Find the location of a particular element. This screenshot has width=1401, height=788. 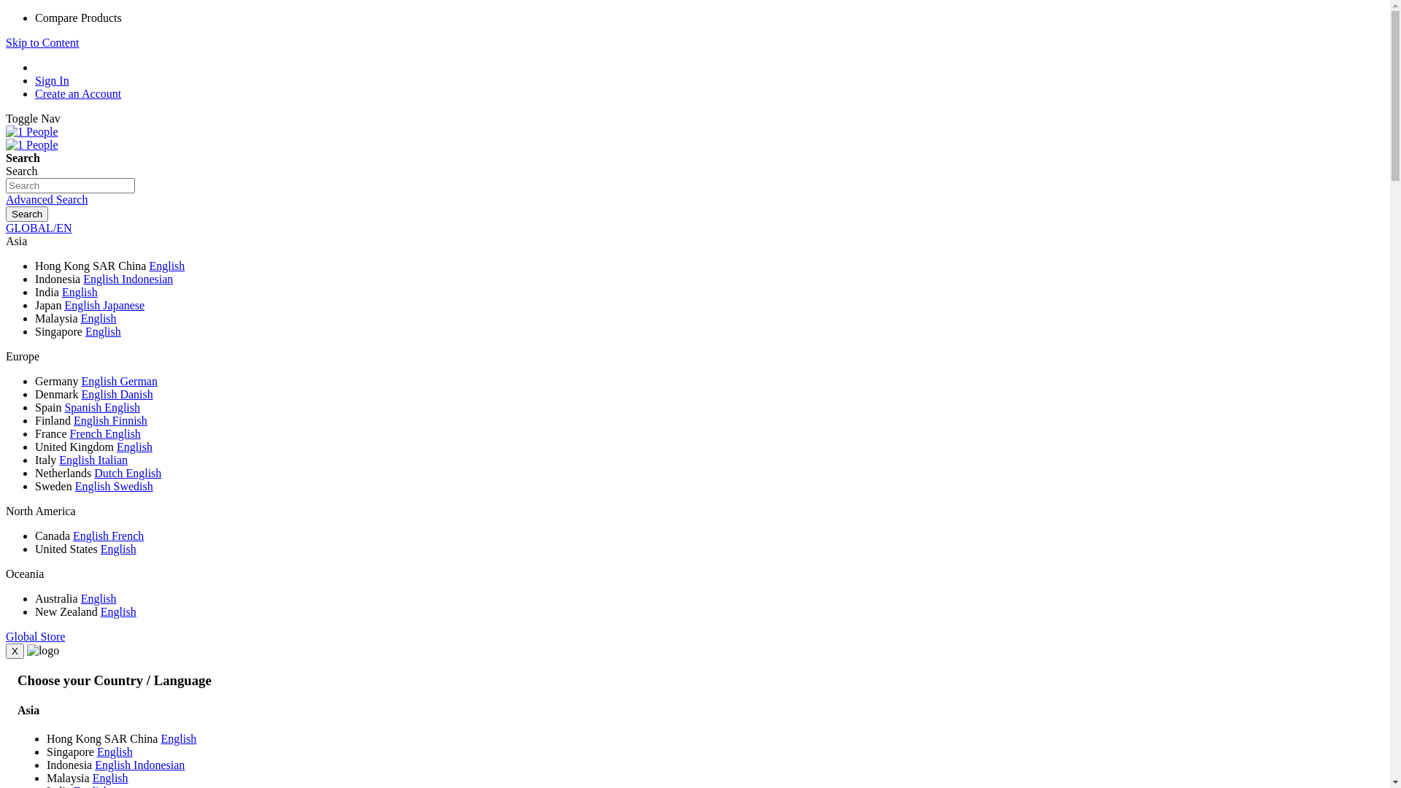

'Skip to Content' is located at coordinates (42, 42).